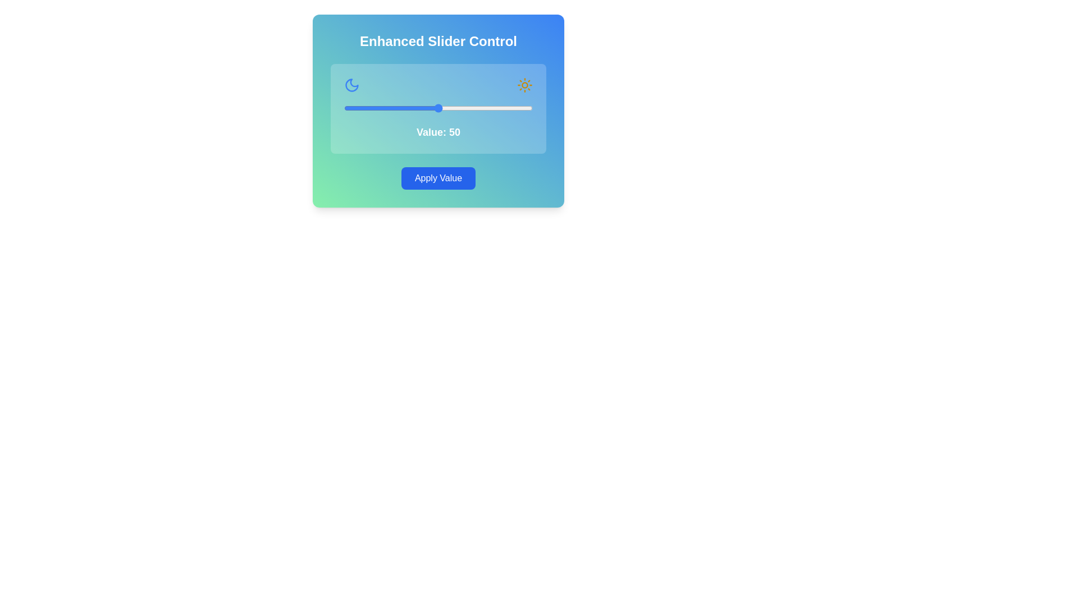  Describe the element at coordinates (438, 108) in the screenshot. I see `the track of the range slider located beneath the moon and sun icons and above the label displaying 'Value: 50' to move the handle to the desired position` at that location.